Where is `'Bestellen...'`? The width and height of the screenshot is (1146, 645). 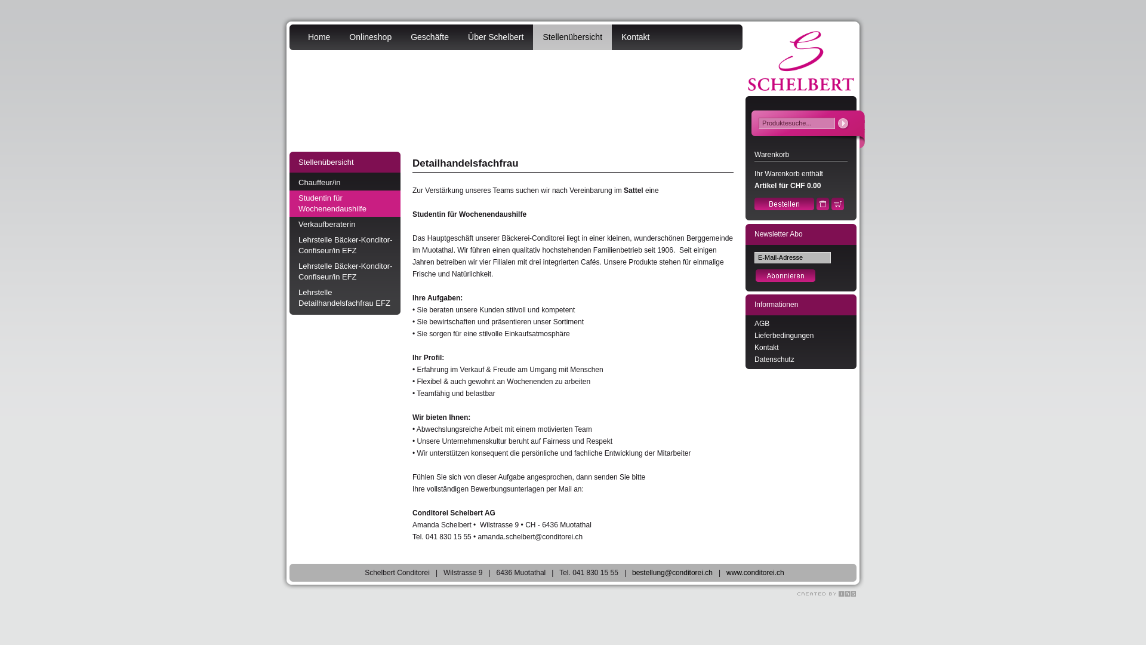
'Bestellen...' is located at coordinates (784, 207).